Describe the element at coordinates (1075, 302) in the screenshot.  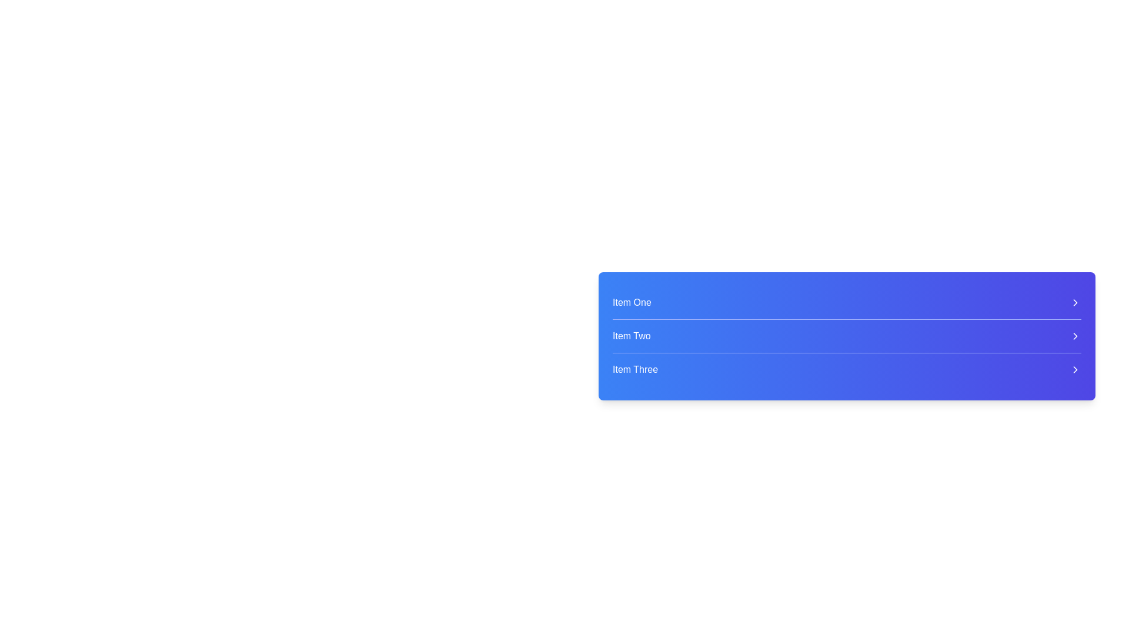
I see `the right-facing chevron icon styled in white, located on the right side of the list item labeled 'Item One'` at that location.